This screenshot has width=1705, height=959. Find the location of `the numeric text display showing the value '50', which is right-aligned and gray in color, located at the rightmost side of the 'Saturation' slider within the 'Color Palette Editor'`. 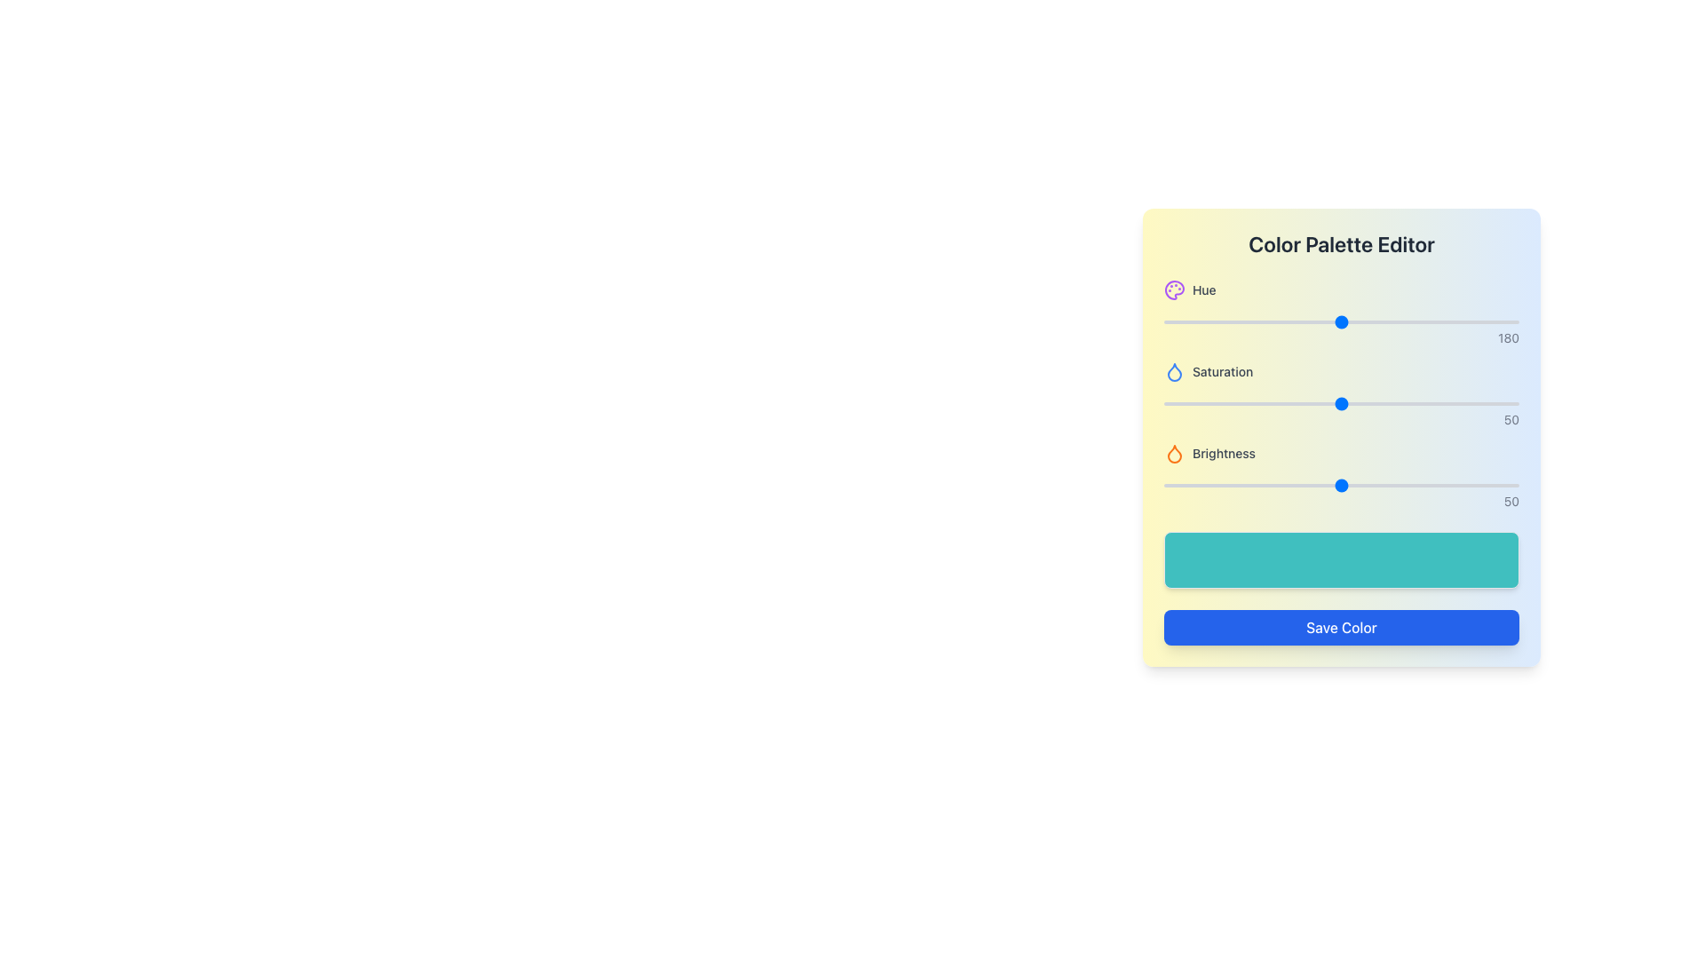

the numeric text display showing the value '50', which is right-aligned and gray in color, located at the rightmost side of the 'Saturation' slider within the 'Color Palette Editor' is located at coordinates (1342, 420).